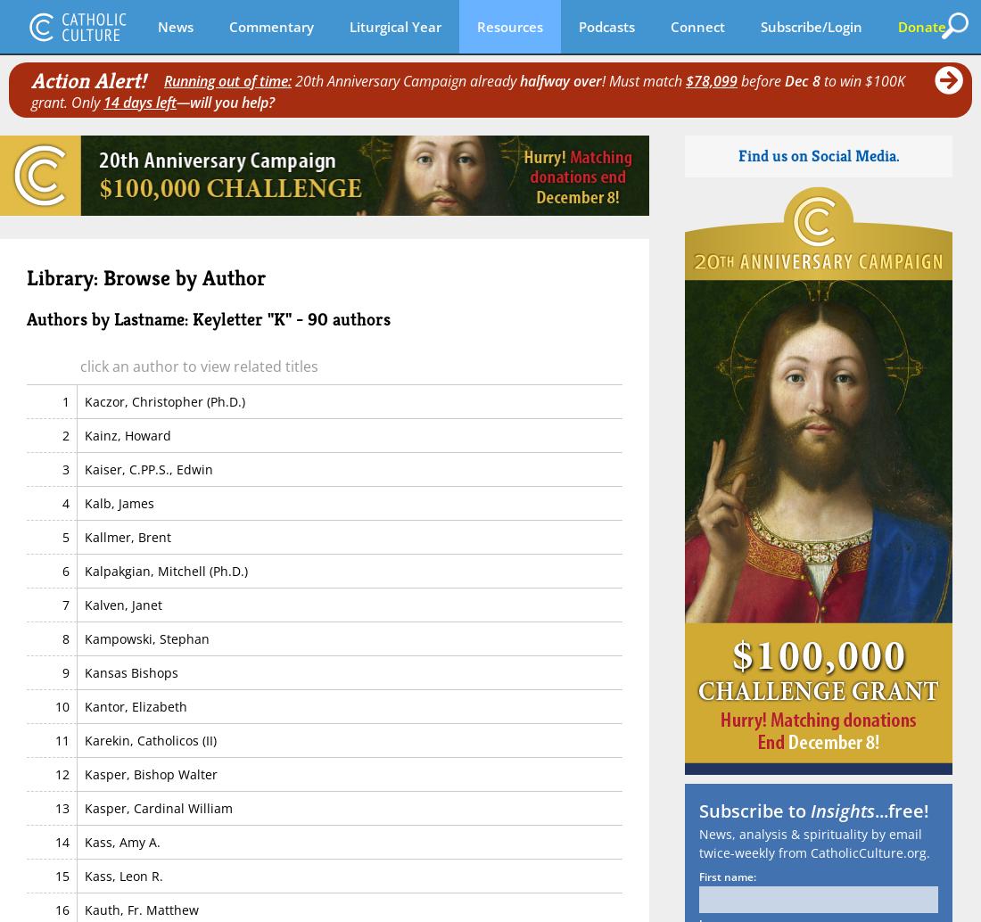 Image resolution: width=981 pixels, height=922 pixels. I want to click on 'Subscribe to', so click(698, 810).